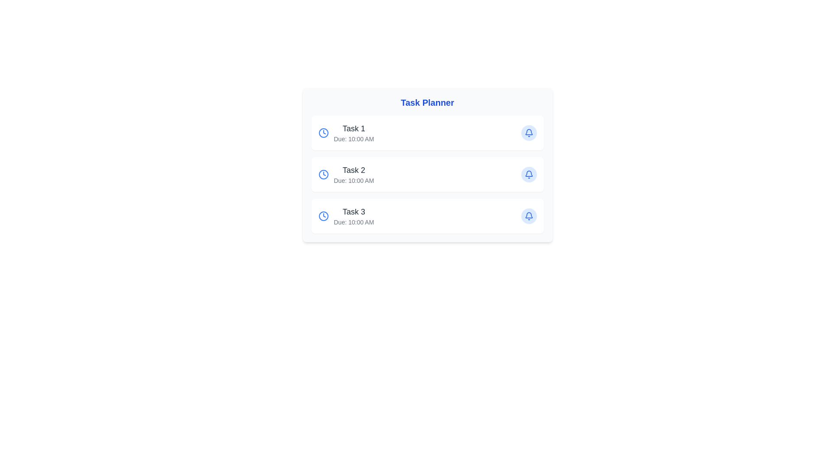 Image resolution: width=832 pixels, height=468 pixels. I want to click on the text element that displays the task description and due time, located as the third entry in the task management interface under 'Task 2', so click(354, 215).